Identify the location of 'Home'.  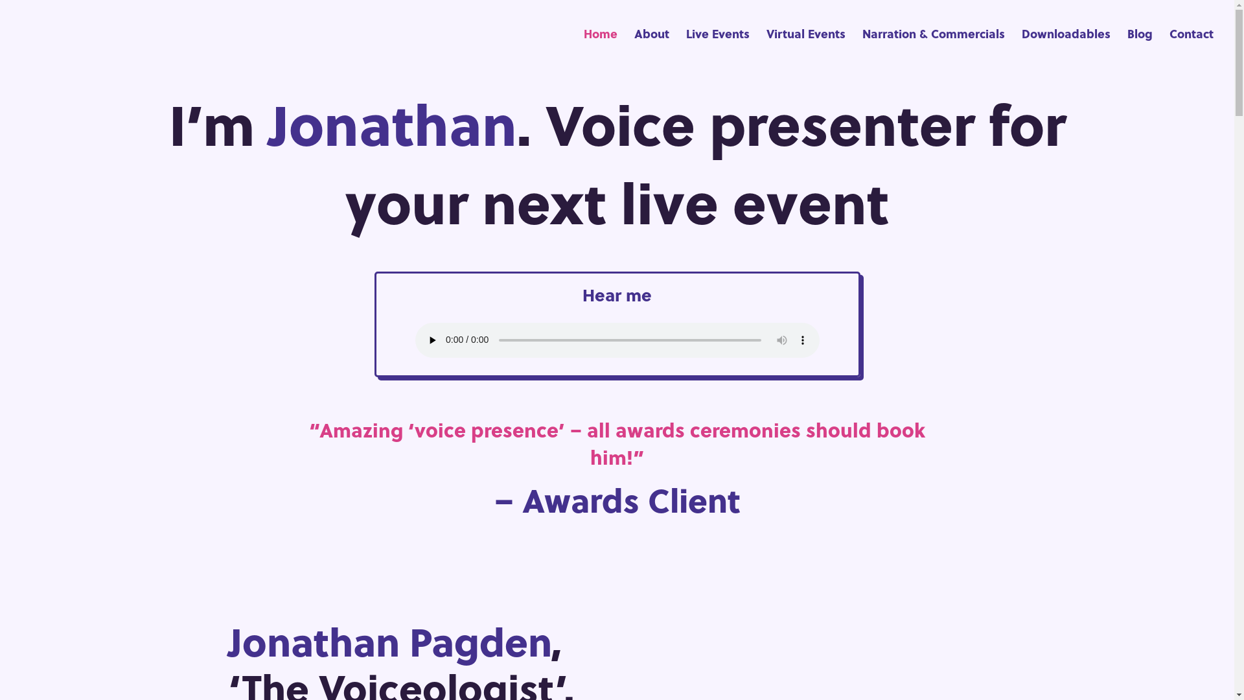
(599, 47).